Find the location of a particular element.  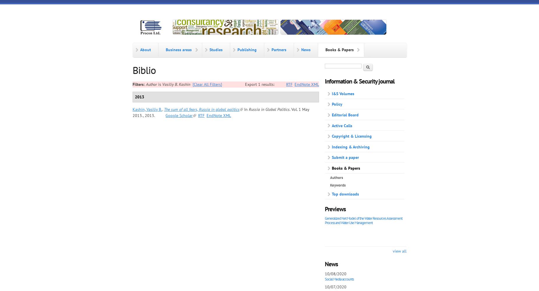

'In' is located at coordinates (246, 109).